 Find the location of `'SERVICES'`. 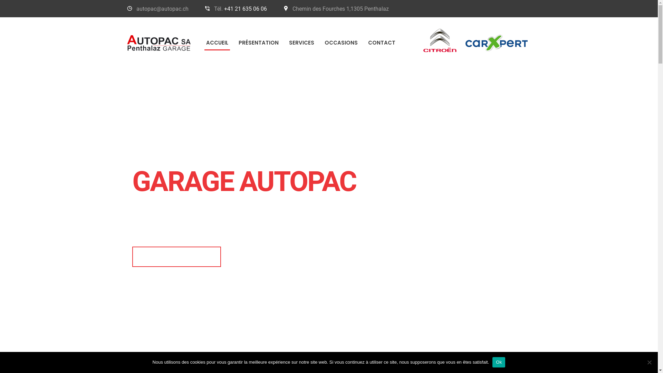

'SERVICES' is located at coordinates (284, 42).